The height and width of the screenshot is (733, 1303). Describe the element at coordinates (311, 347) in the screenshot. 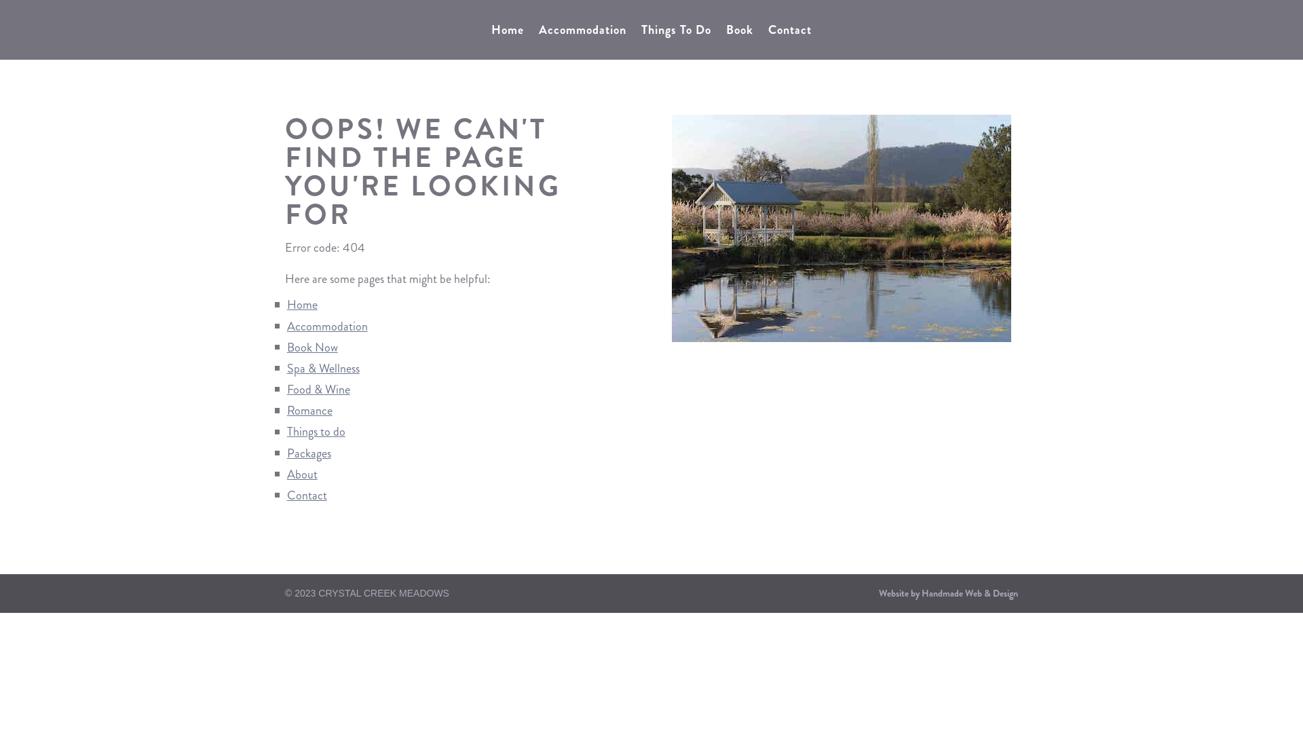

I see `'Book Now'` at that location.